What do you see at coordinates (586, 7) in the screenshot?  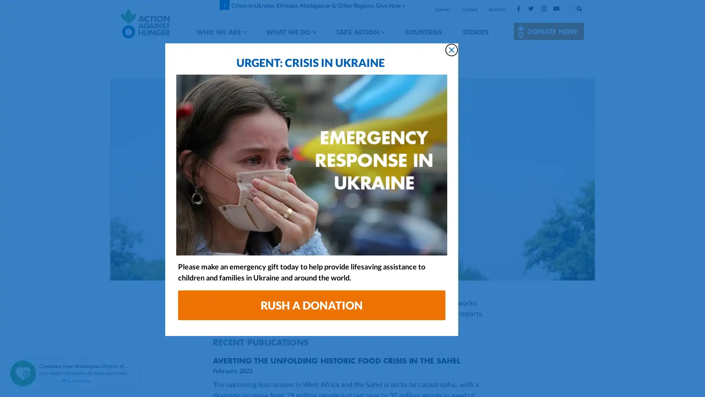 I see `Search` at bounding box center [586, 7].